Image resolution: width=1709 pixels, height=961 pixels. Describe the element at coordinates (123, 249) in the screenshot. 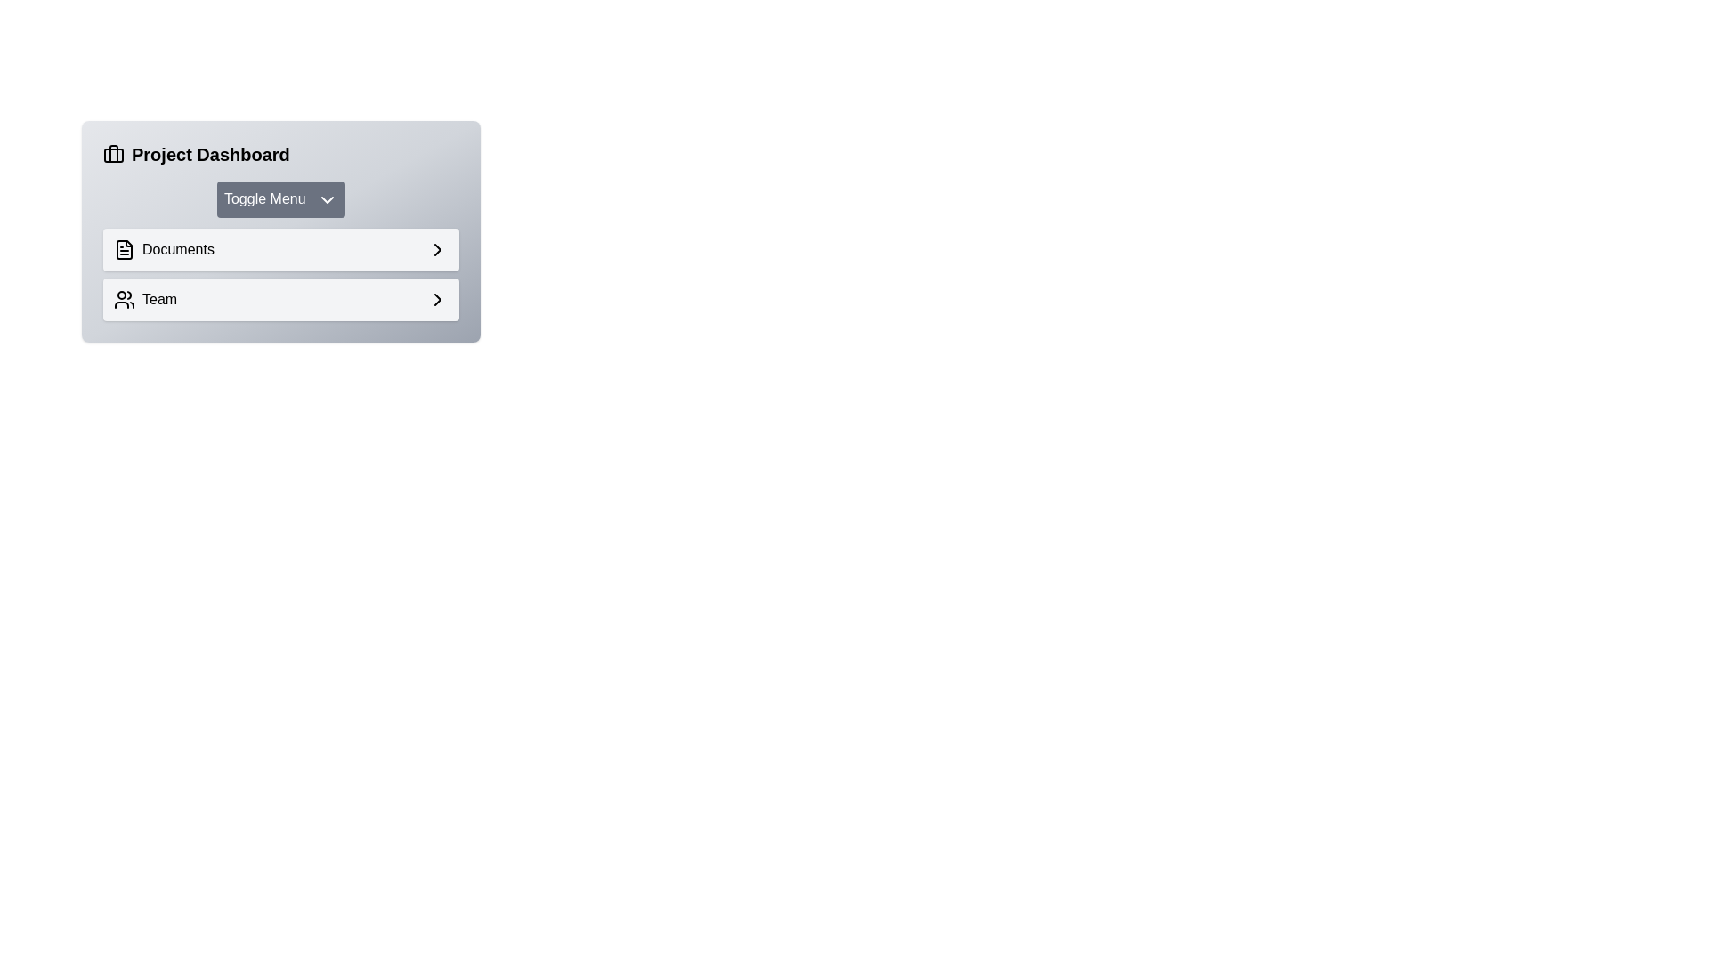

I see `the document icon located to the left of the 'Documents' button at the top-left section of the dashboard interface` at that location.